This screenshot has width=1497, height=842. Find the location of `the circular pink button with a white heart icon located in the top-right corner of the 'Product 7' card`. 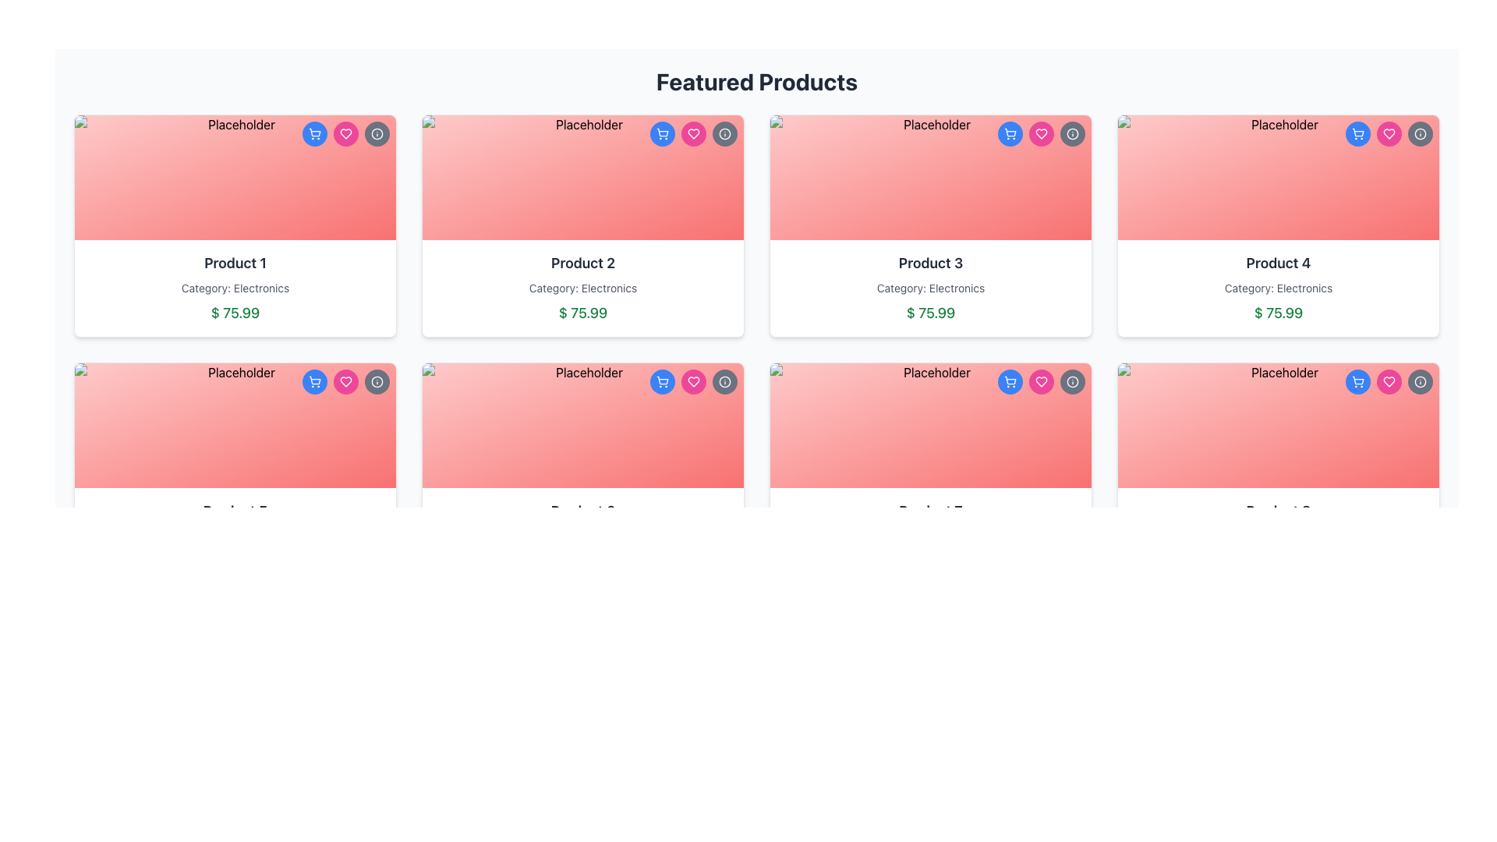

the circular pink button with a white heart icon located in the top-right corner of the 'Product 7' card is located at coordinates (1041, 381).